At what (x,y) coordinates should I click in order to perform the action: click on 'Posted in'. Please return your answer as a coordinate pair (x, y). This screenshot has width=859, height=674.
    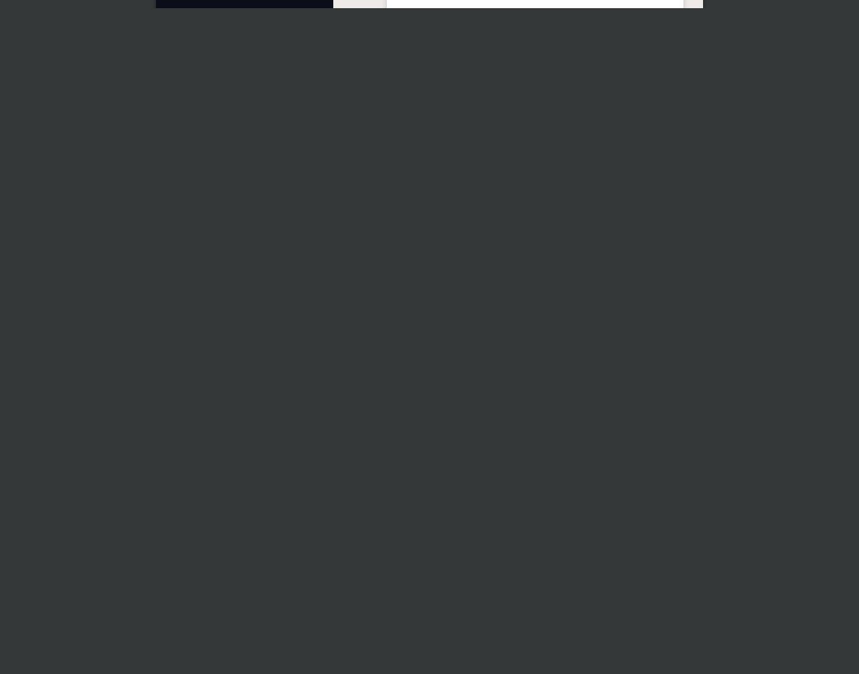
    Looking at the image, I should click on (401, 376).